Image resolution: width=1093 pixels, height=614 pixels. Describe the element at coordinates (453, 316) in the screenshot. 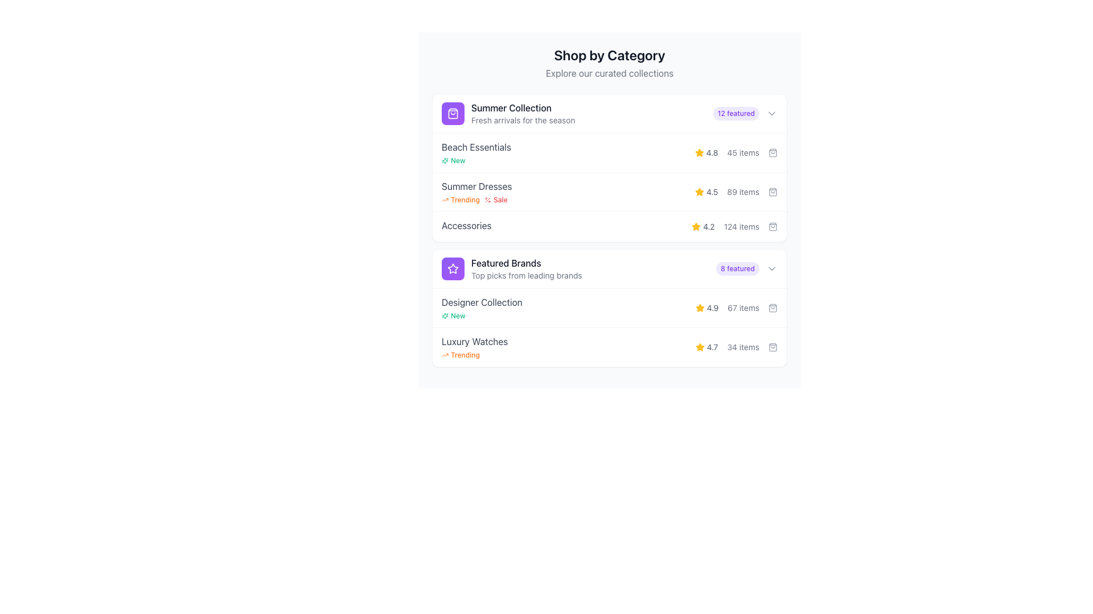

I see `the label with an icon indicating the 'Designer Collection' is new, located to the left of the text 'Designer Collection' in the 'Featured Brands' section` at that location.